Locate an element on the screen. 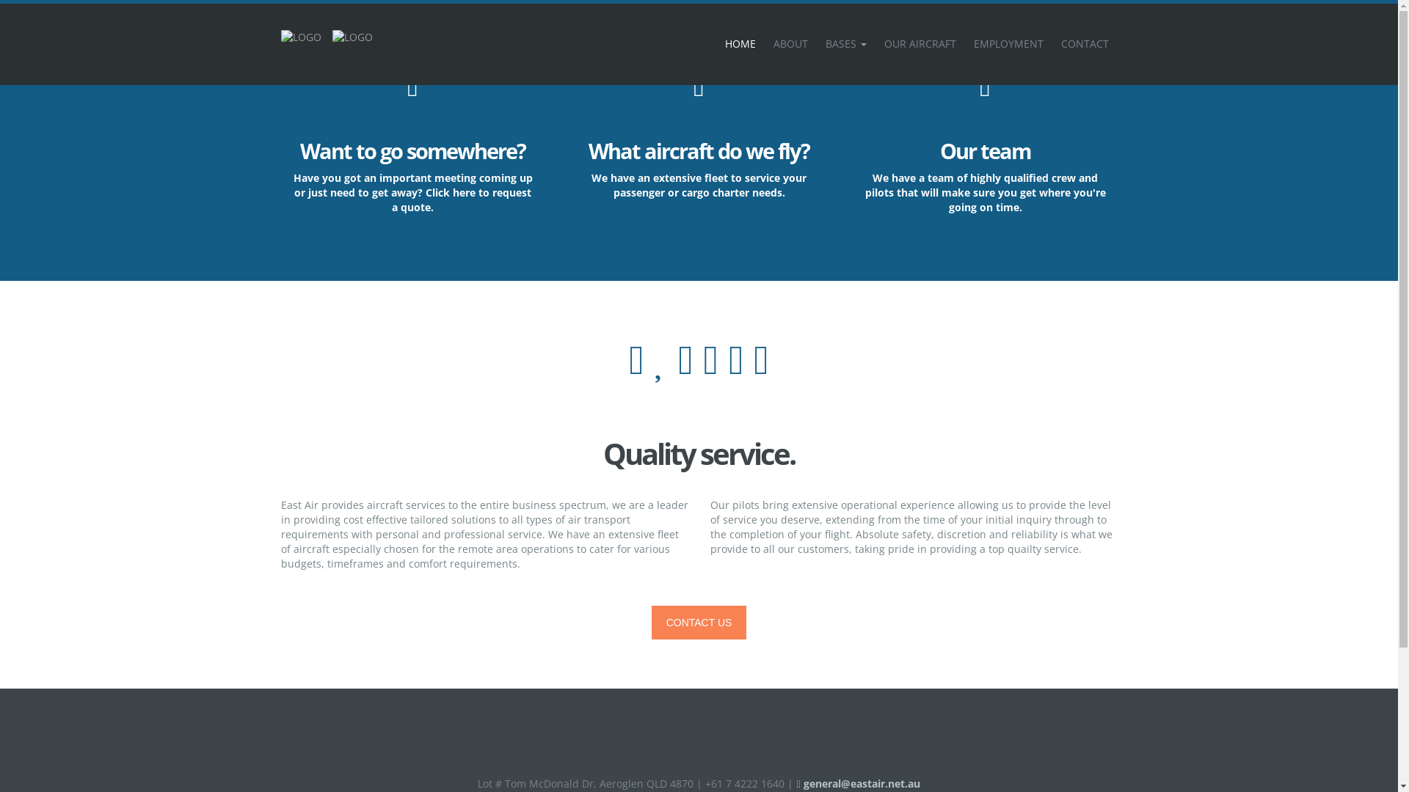 The height and width of the screenshot is (792, 1409). 'general@eastair.net.au' is located at coordinates (795, 782).